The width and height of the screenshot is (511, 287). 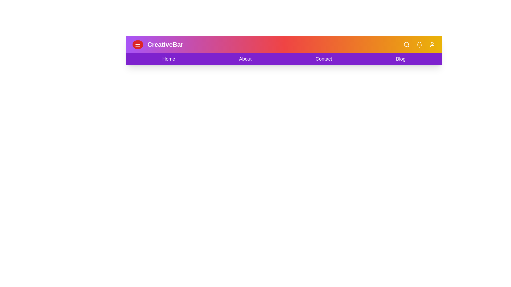 What do you see at coordinates (432, 44) in the screenshot?
I see `the user icon to access user account options` at bounding box center [432, 44].